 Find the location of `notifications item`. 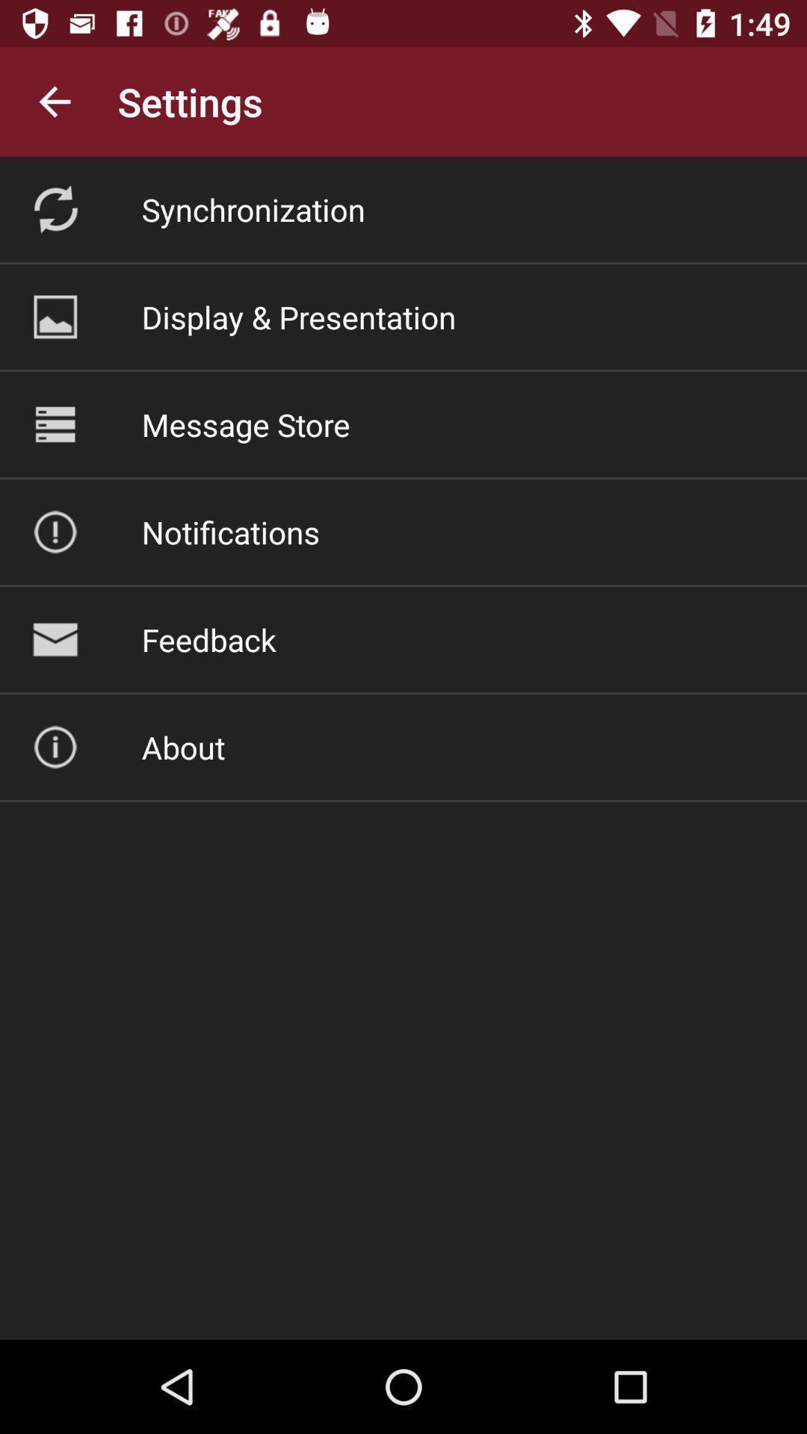

notifications item is located at coordinates (230, 532).